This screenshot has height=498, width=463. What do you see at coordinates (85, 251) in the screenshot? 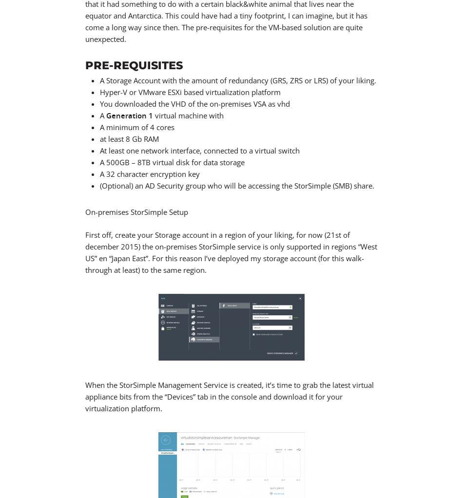
I see `'First off, create your Storage account in a region of your liking, for now (21st of december 2015) the on-premises StorSimple service is only supported in regions “West US” en “Japan East”. For this reason I’ve deployed my storage account (for this walk-through at least) to the same region.'` at bounding box center [85, 251].